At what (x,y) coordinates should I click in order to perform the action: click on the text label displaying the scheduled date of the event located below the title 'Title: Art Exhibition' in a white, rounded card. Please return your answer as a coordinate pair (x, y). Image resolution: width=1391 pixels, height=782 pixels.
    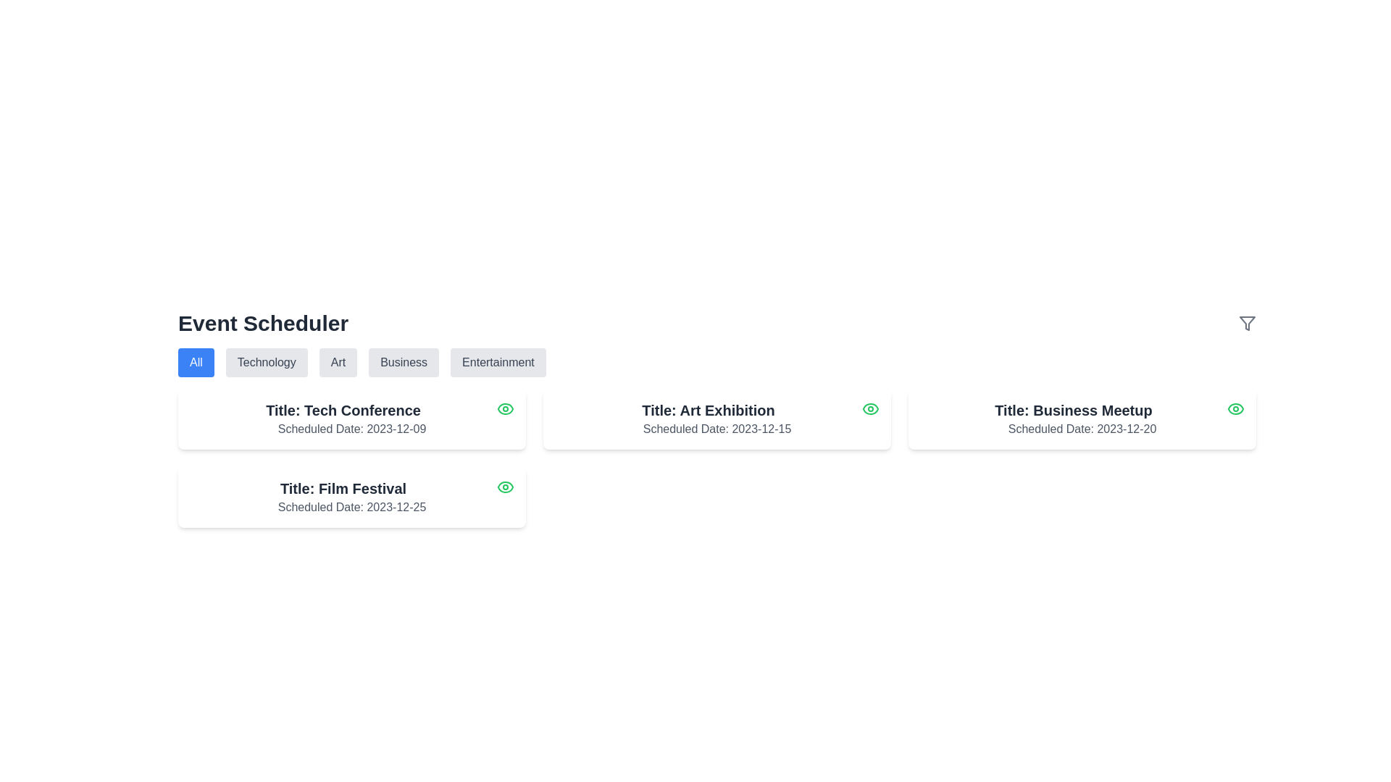
    Looking at the image, I should click on (717, 429).